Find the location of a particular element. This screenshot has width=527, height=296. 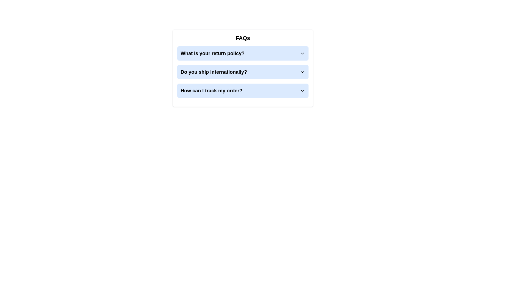

the dropdown indicator or toggle icon located at the right end of the collapsible menu item labeled 'What is your return policy?' is located at coordinates (302, 53).